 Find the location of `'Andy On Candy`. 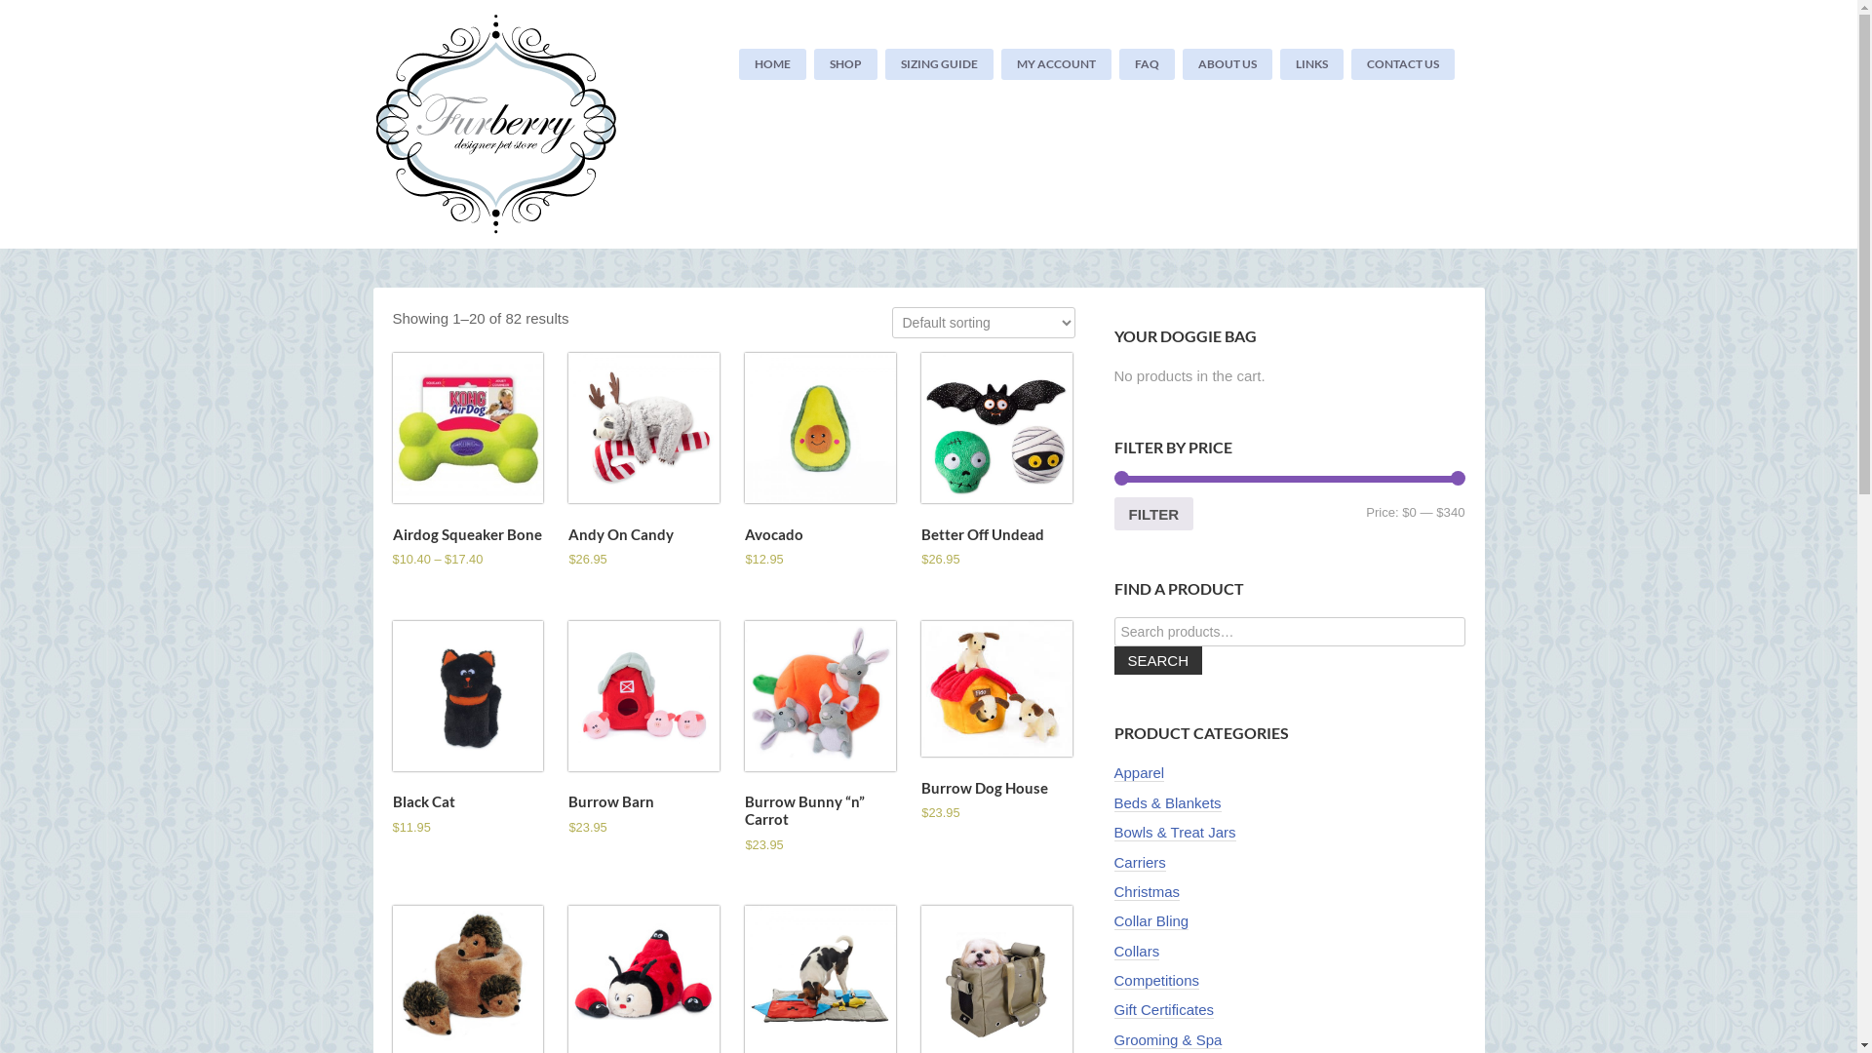

'Andy On Candy is located at coordinates (643, 461).